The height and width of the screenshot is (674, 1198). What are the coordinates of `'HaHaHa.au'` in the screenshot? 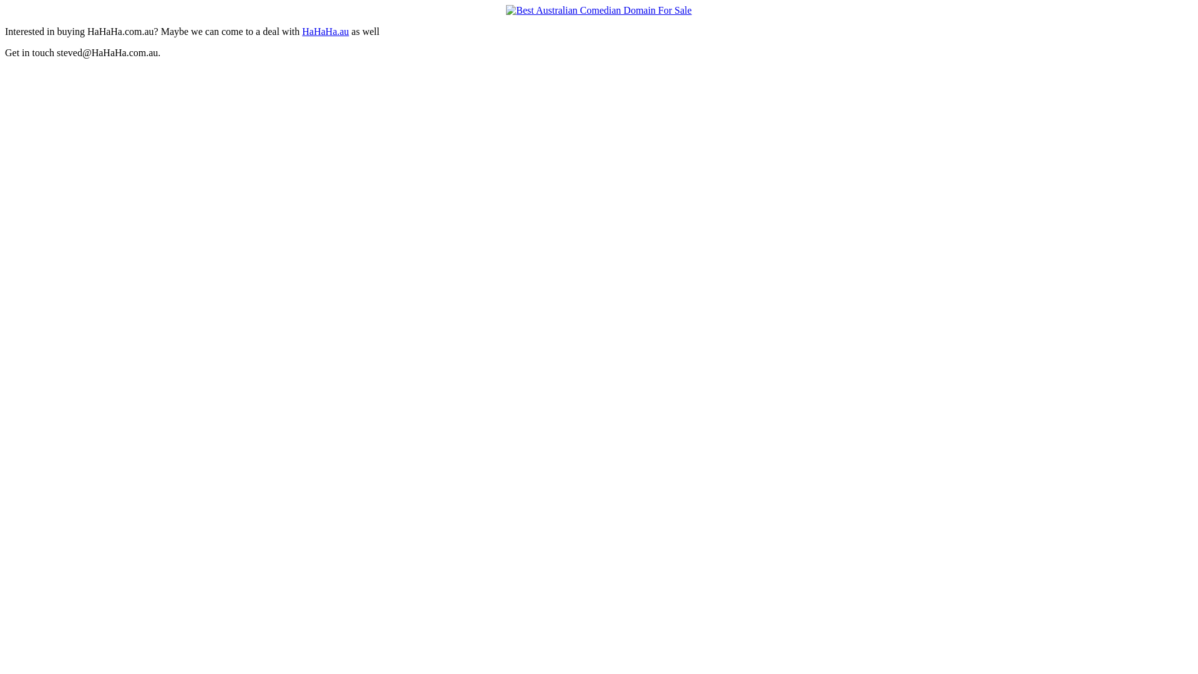 It's located at (325, 31).